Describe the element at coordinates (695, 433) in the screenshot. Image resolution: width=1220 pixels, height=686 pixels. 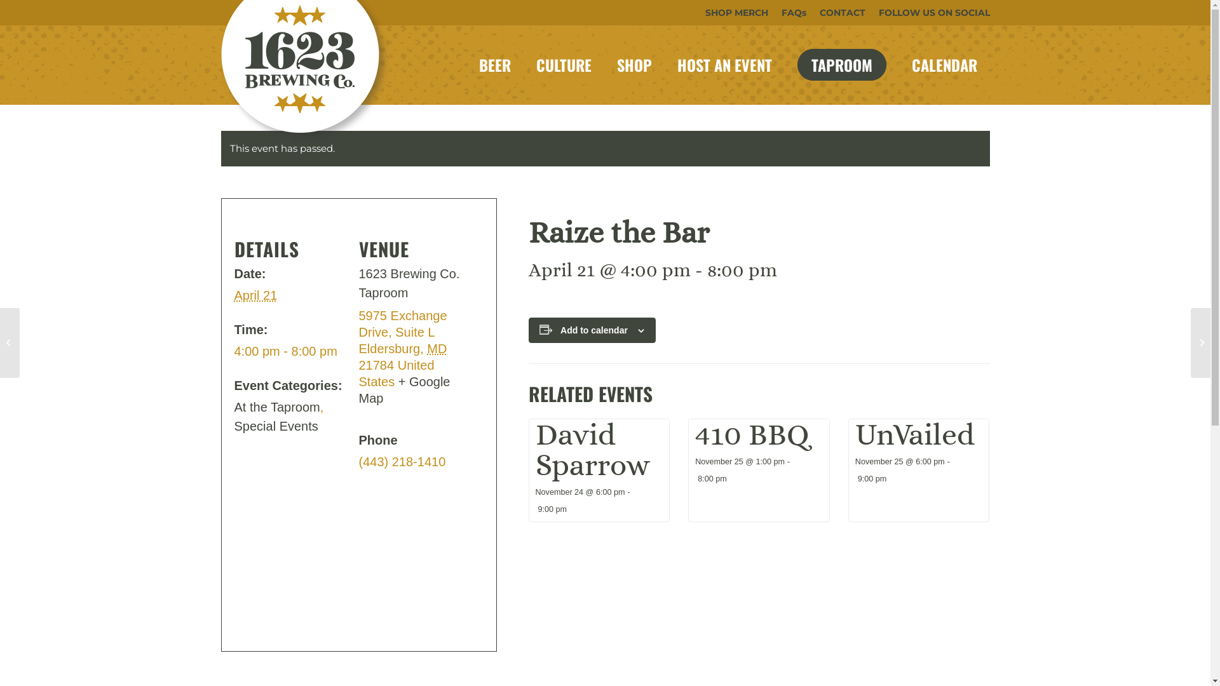
I see `'410 BBQ'` at that location.